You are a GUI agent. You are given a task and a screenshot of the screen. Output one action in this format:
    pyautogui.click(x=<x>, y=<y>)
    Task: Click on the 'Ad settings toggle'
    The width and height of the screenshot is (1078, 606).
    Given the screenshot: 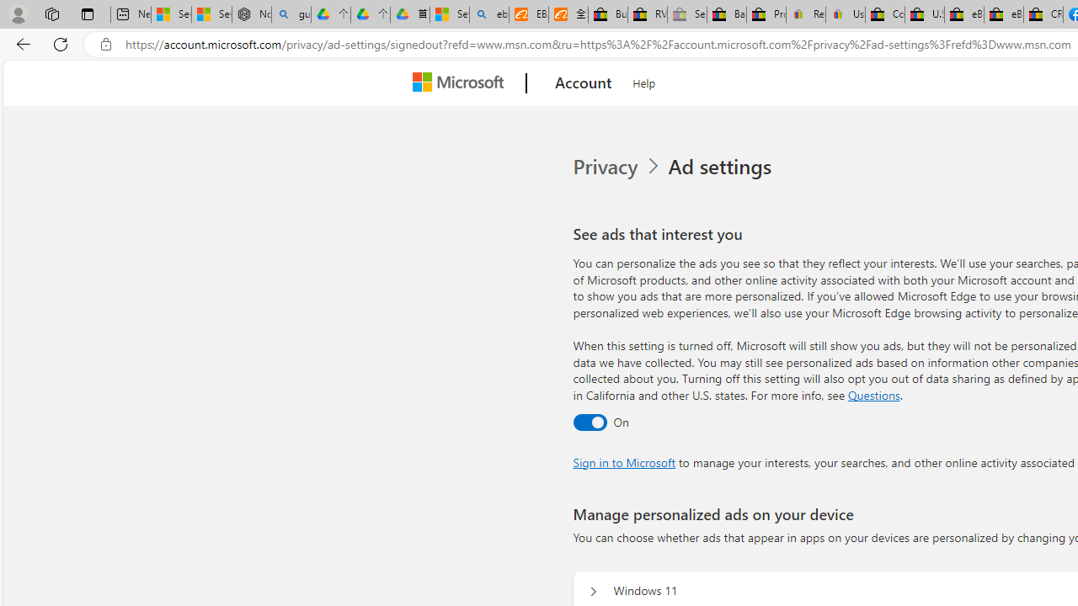 What is the action you would take?
    pyautogui.click(x=590, y=421)
    